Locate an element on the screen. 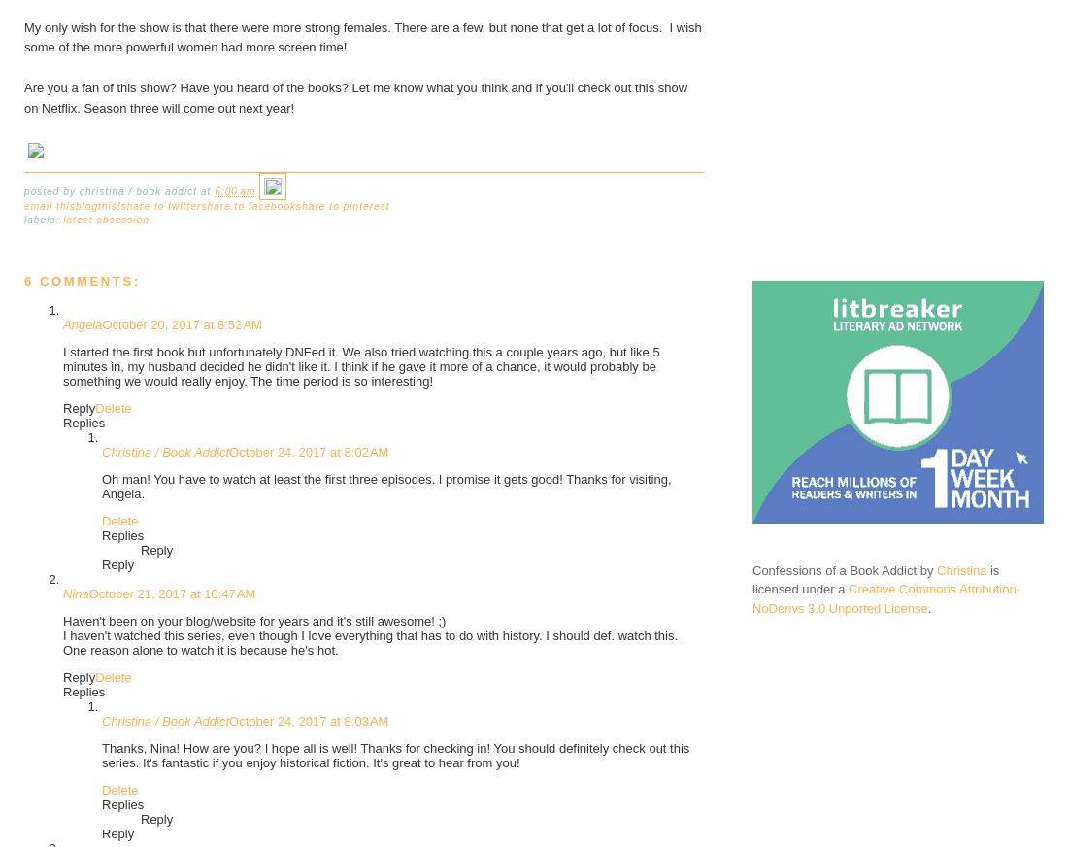 Image resolution: width=1068 pixels, height=847 pixels. 'Creative Commons Attribution-NoDerivs 3.0 Unported License' is located at coordinates (886, 597).